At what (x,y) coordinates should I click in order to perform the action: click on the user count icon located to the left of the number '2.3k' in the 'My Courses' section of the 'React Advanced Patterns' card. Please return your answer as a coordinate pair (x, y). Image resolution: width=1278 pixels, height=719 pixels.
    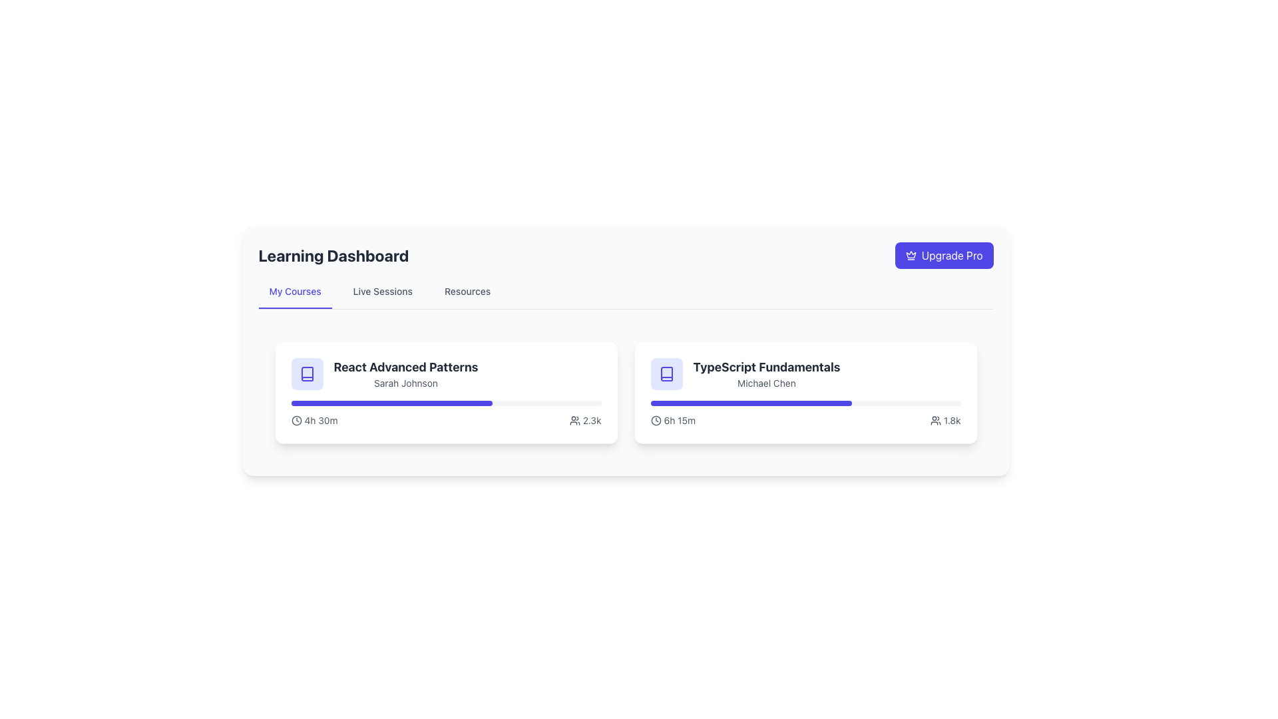
    Looking at the image, I should click on (574, 421).